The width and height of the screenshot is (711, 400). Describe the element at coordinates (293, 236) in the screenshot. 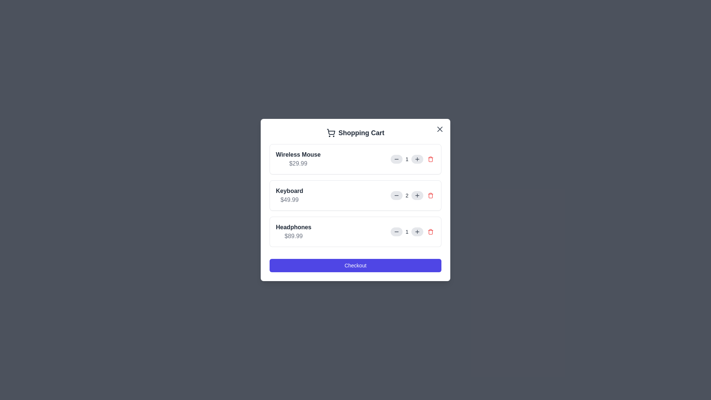

I see `the price display text label for the selected headphones in the shopping cart` at that location.